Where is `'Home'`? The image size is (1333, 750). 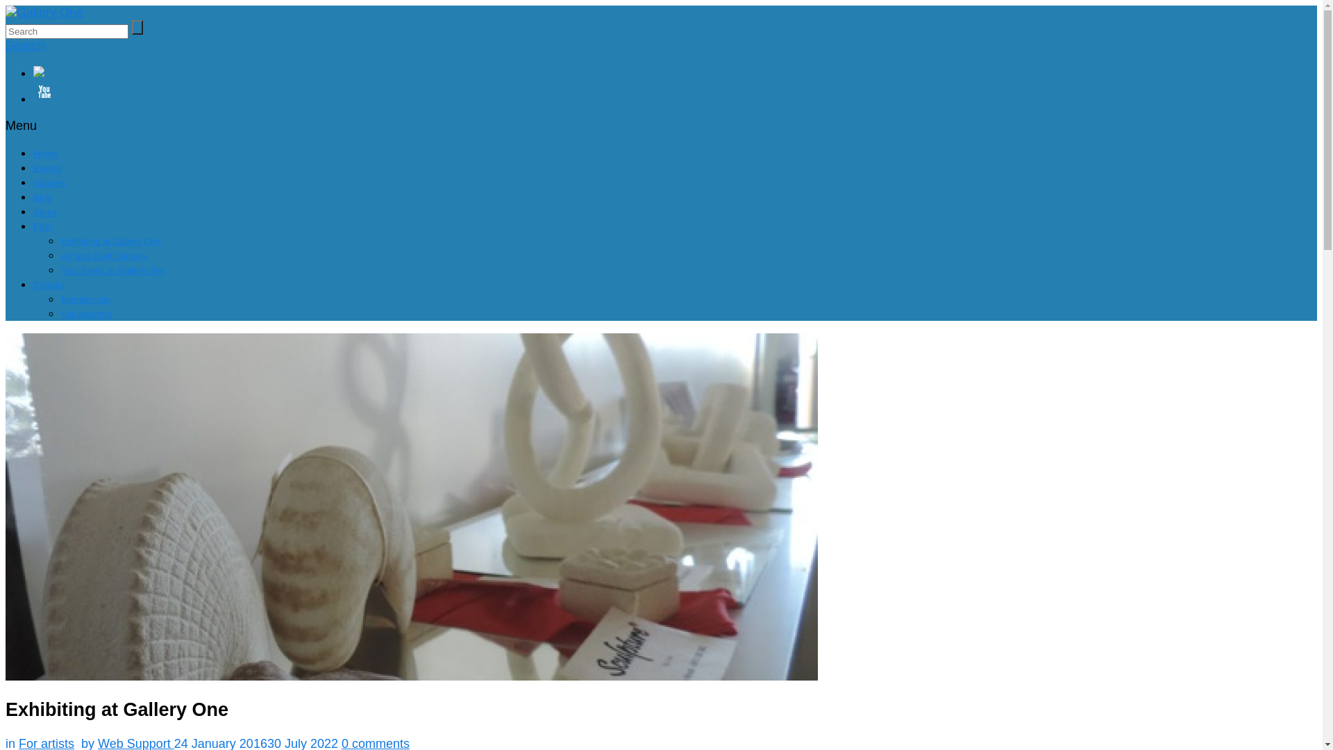
'Home' is located at coordinates (45, 153).